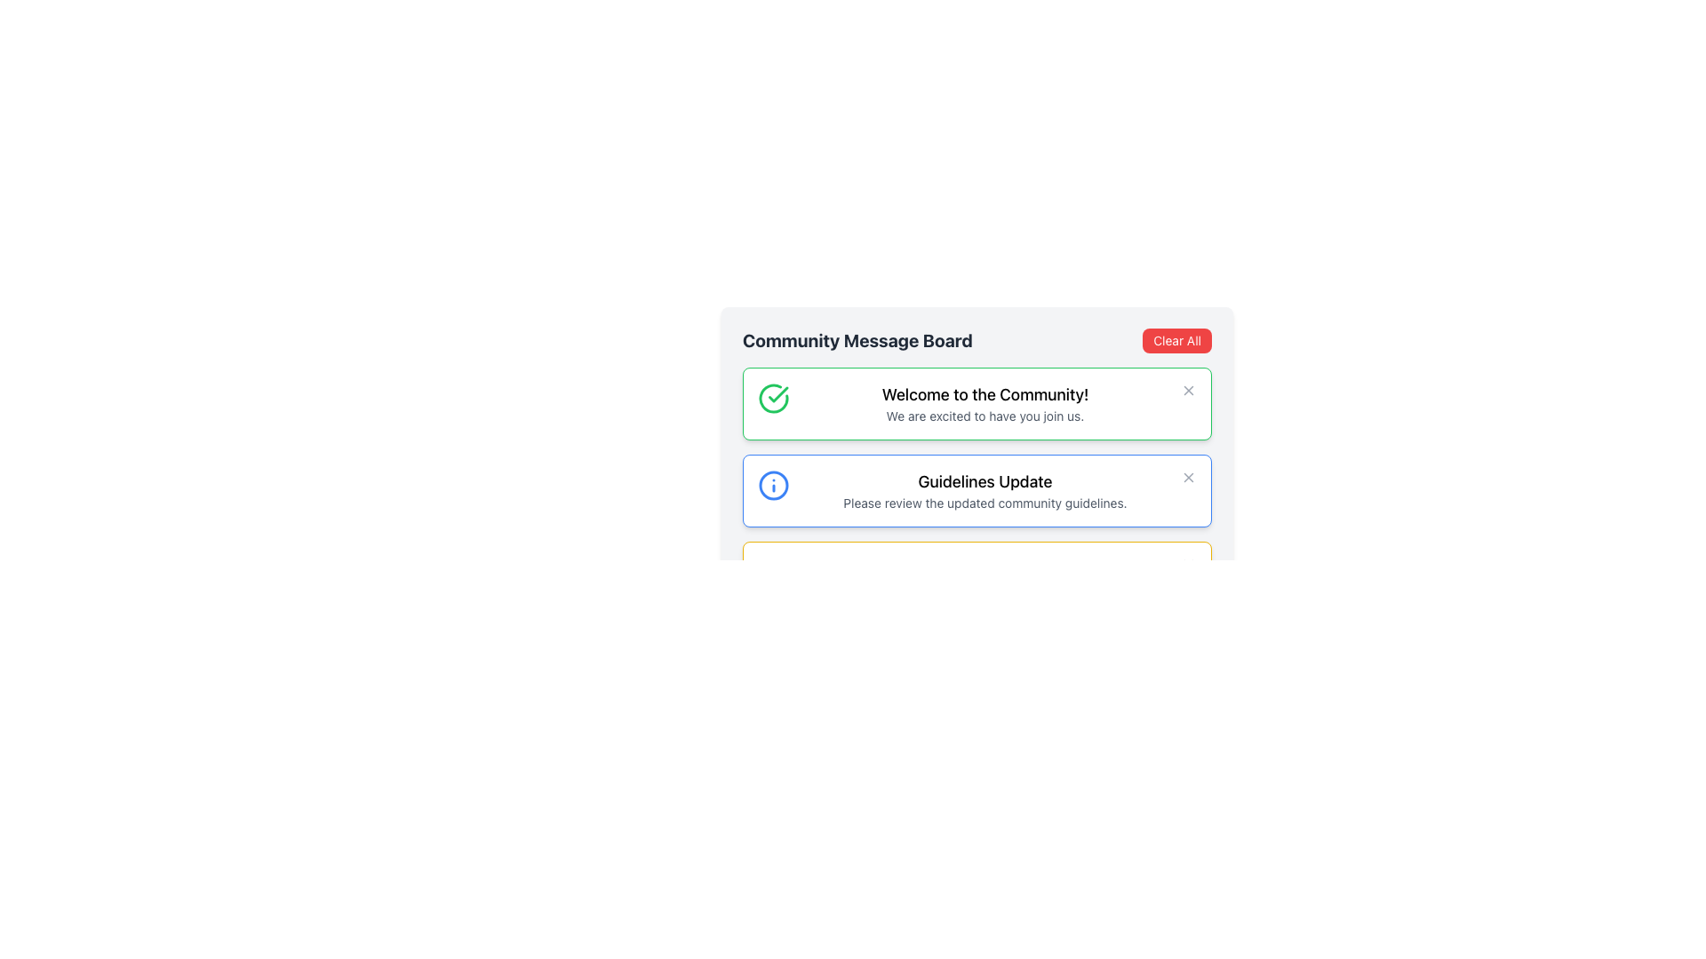 Image resolution: width=1706 pixels, height=959 pixels. Describe the element at coordinates (1189, 476) in the screenshot. I see `the close button located at the top-right corner of the card titled 'Guidelines Update'` at that location.